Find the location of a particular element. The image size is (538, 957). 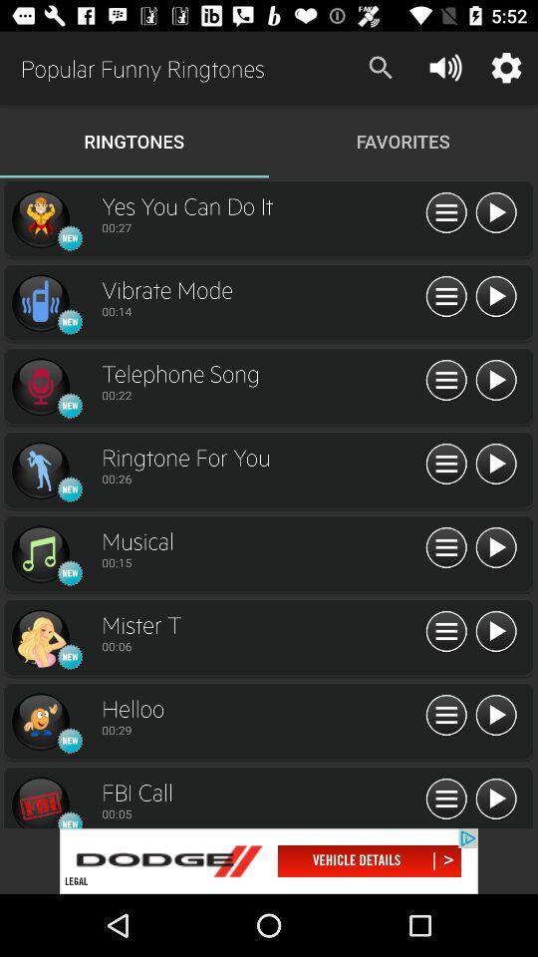

musical ringtone is located at coordinates (494, 548).